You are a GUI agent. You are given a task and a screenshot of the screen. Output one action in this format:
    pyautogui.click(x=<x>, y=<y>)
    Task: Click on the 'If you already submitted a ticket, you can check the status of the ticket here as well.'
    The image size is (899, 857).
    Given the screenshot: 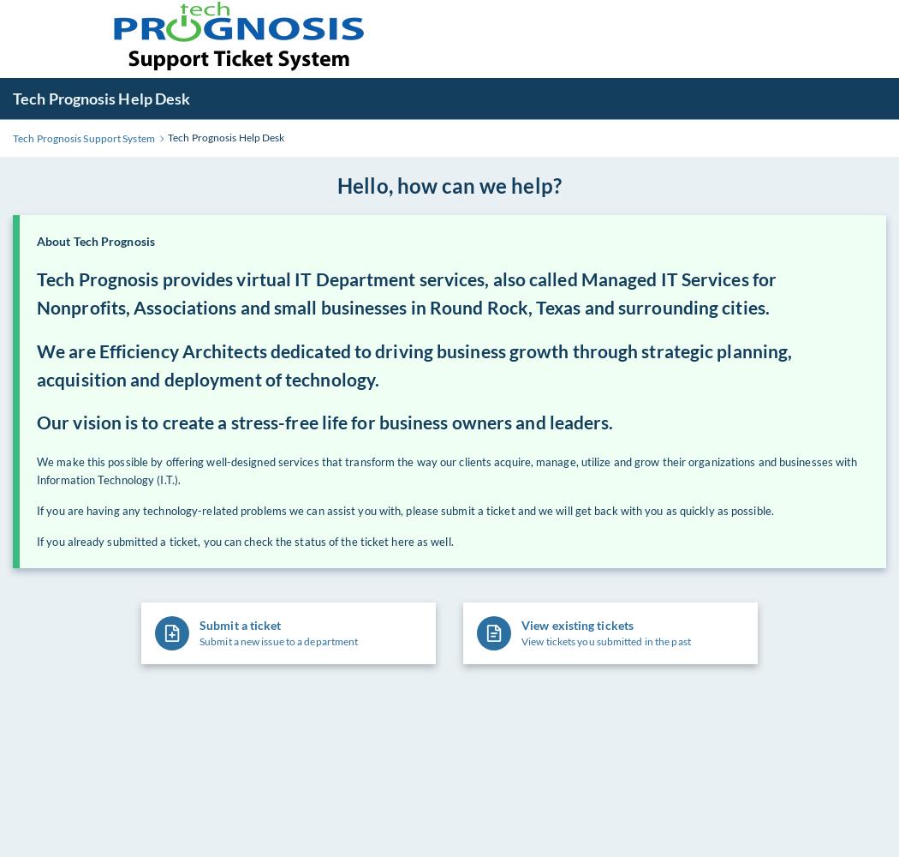 What is the action you would take?
    pyautogui.click(x=244, y=542)
    